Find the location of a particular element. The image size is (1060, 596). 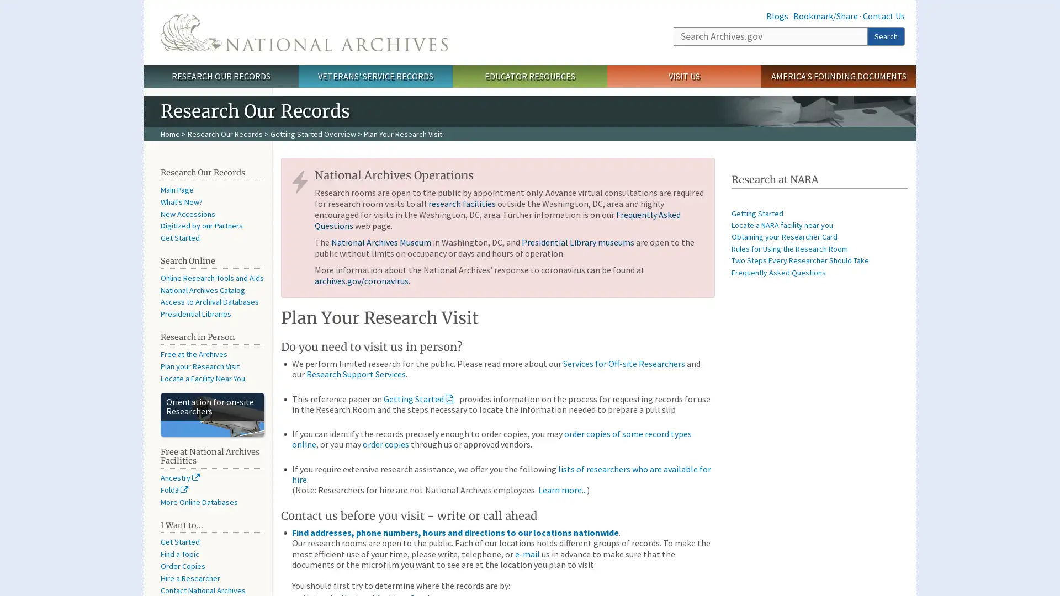

Search is located at coordinates (886, 35).